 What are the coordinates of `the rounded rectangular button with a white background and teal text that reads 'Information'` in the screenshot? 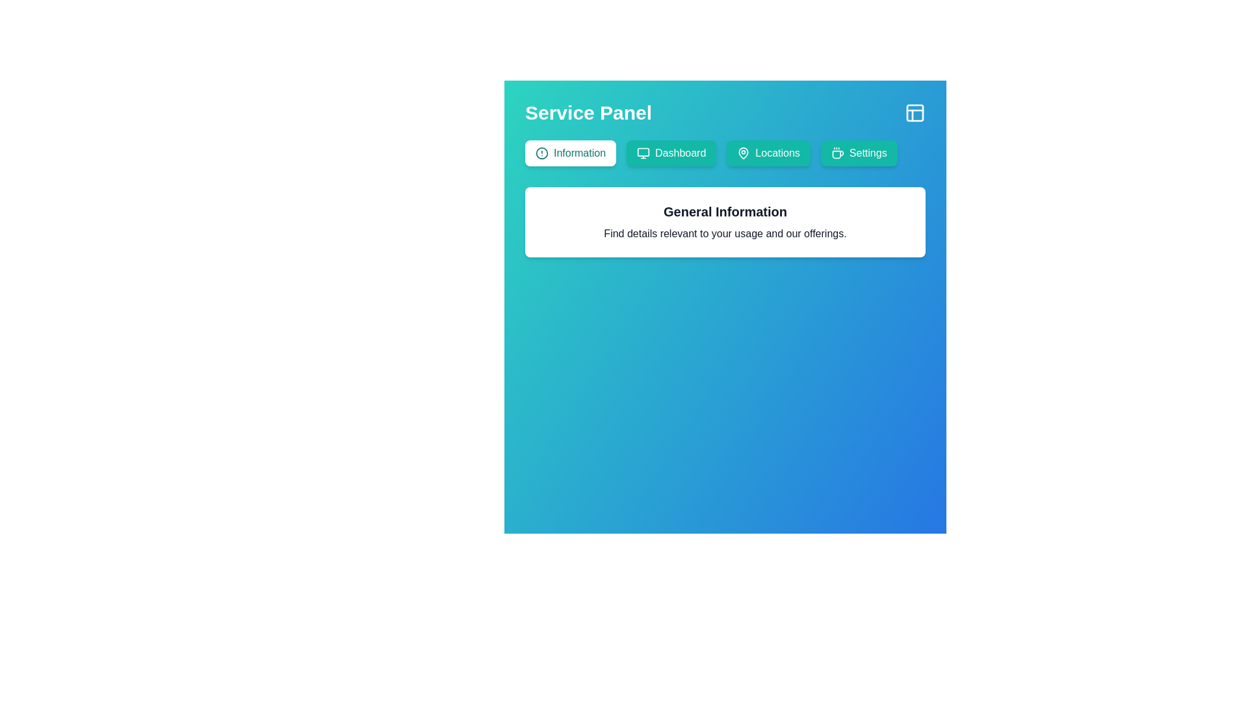 It's located at (571, 152).